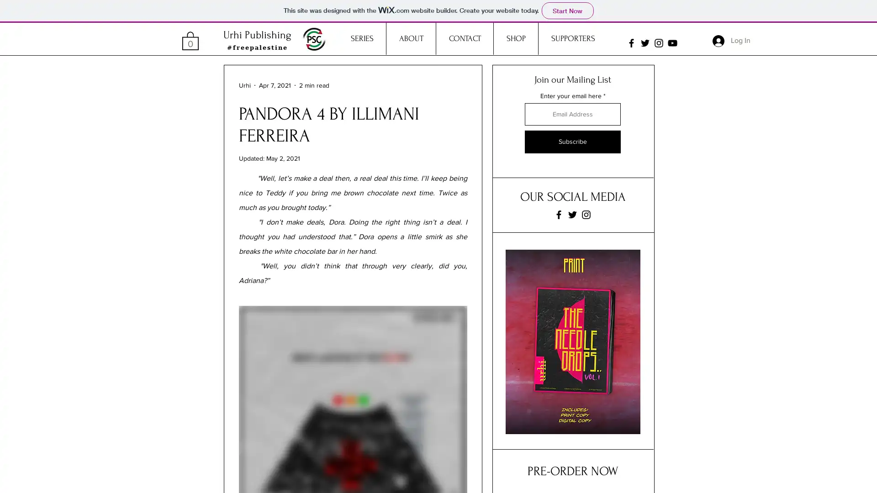 This screenshot has width=877, height=493. Describe the element at coordinates (731, 40) in the screenshot. I see `Log In` at that location.